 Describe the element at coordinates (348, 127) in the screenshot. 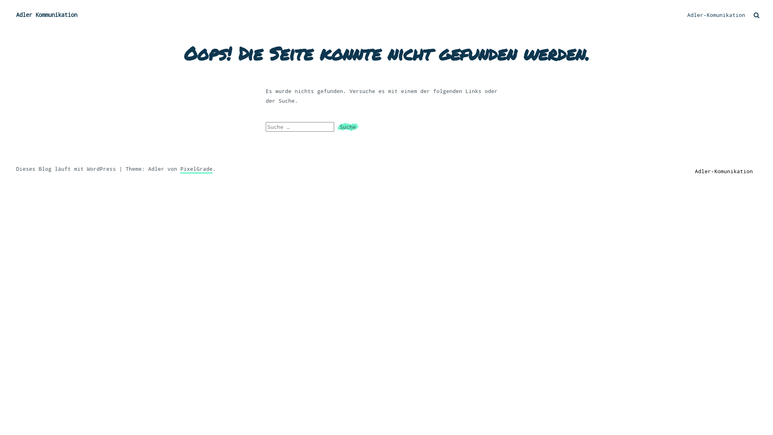

I see `'Suche'` at that location.